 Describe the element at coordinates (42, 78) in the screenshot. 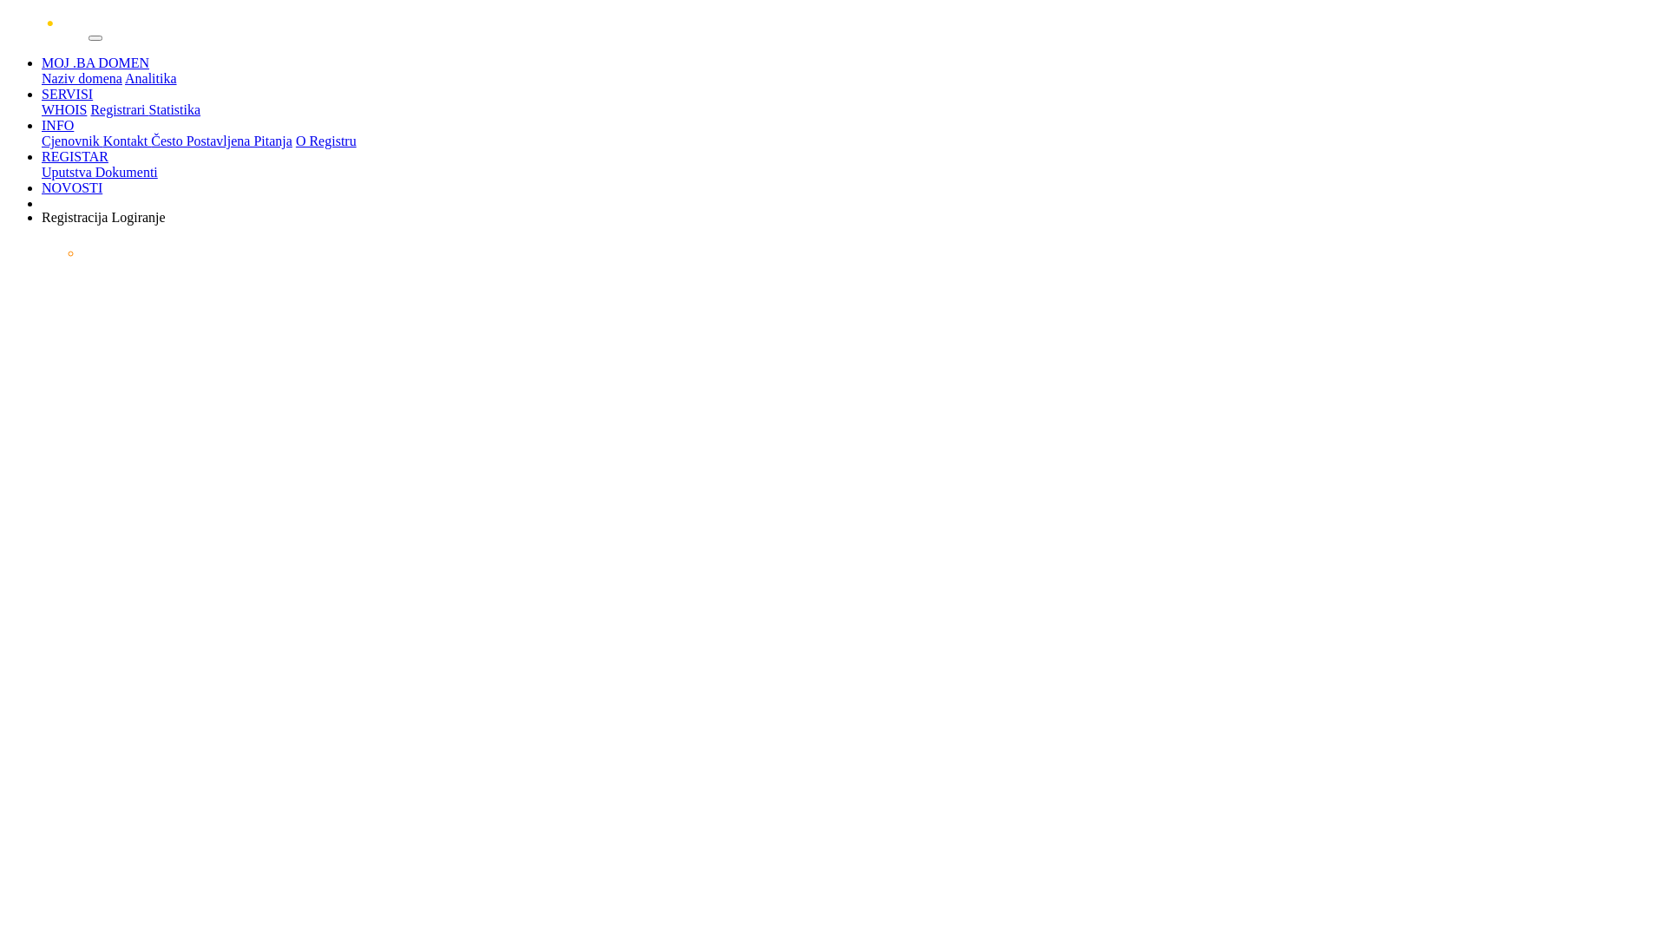

I see `'Naziv domena'` at that location.